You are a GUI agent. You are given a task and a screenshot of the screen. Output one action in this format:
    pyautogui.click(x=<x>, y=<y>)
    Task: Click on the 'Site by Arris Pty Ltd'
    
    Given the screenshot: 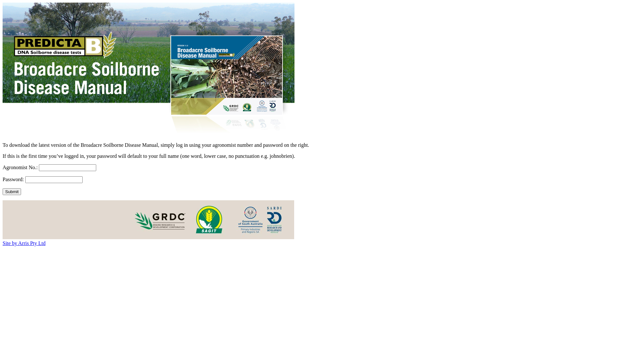 What is the action you would take?
    pyautogui.click(x=24, y=243)
    